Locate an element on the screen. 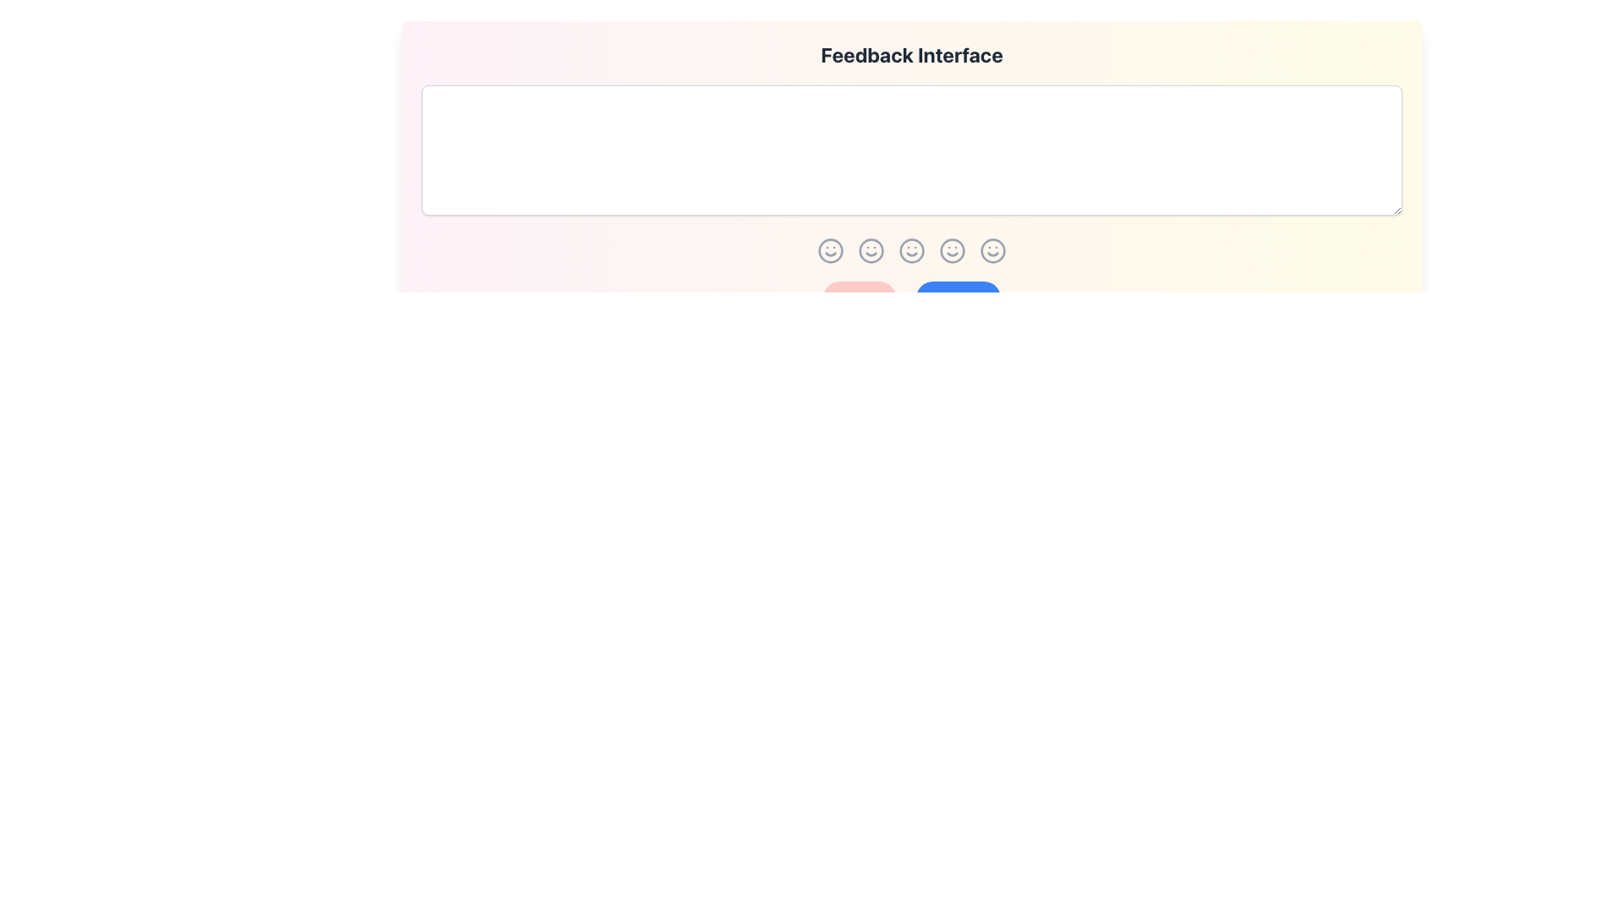  the 'Clear' and 'Submit' buttons in the Button Group located in the 'Feedback Interface' section to observe their hover effects is located at coordinates (911, 298).